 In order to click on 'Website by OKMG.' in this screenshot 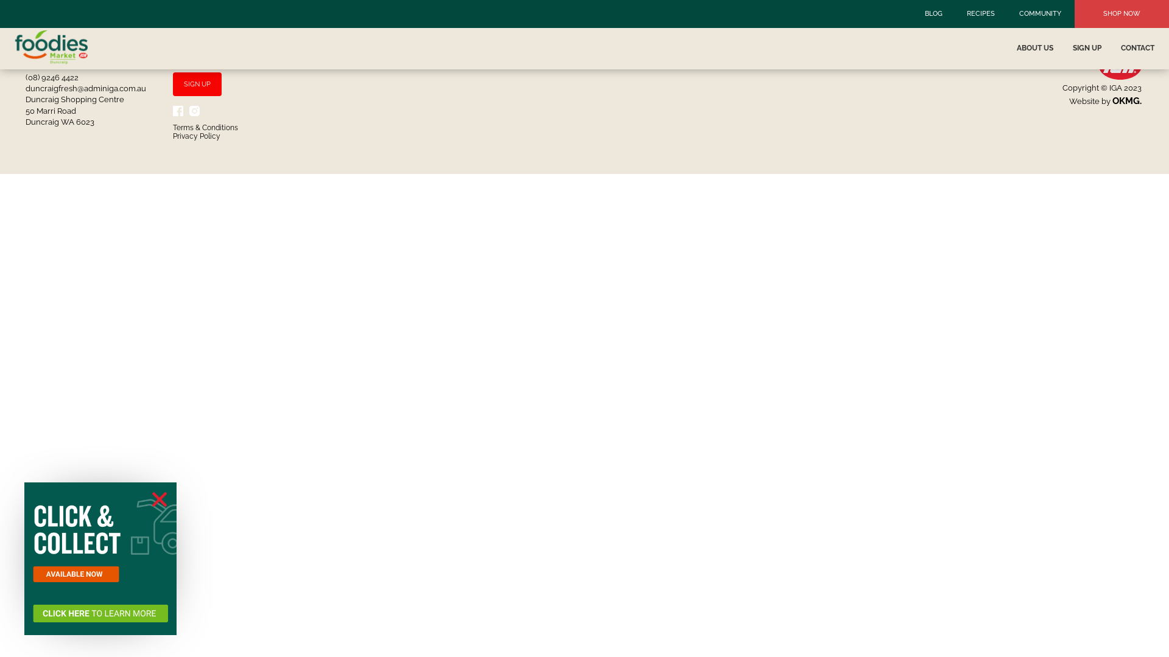, I will do `click(1069, 100)`.